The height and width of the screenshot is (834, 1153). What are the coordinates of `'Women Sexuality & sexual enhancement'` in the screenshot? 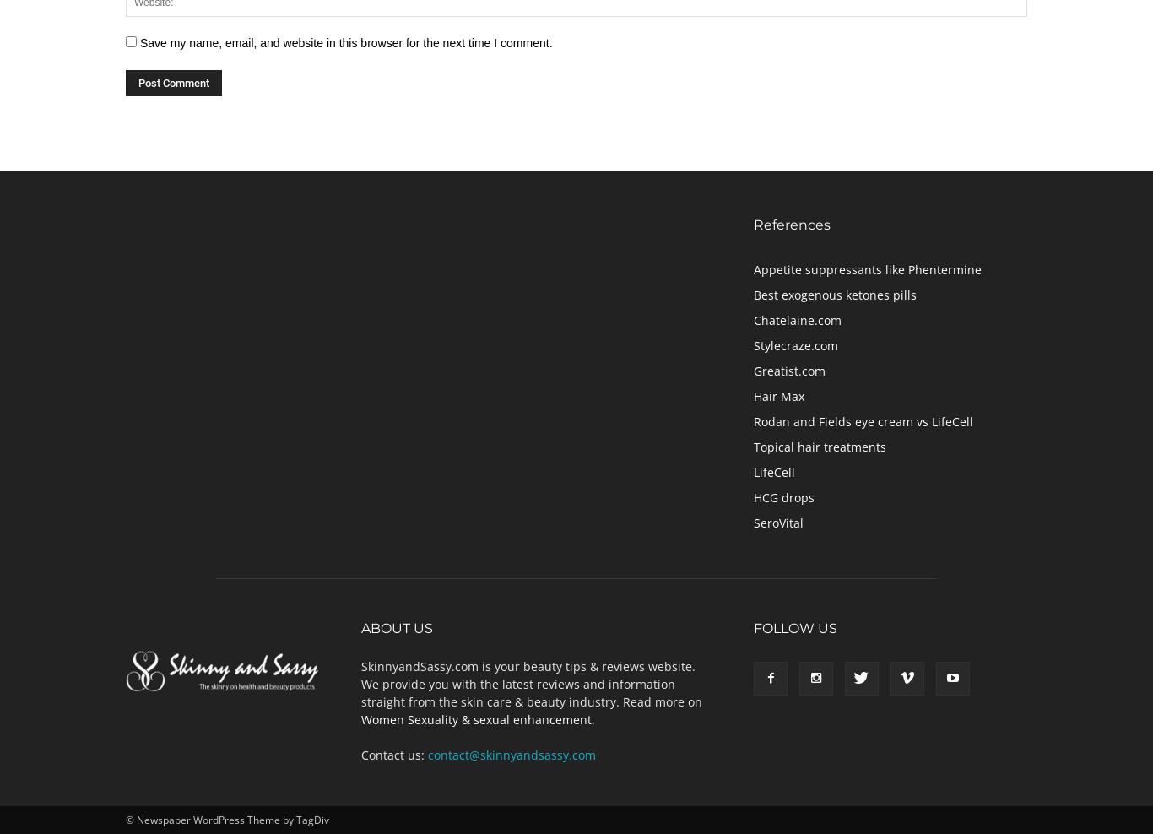 It's located at (360, 718).